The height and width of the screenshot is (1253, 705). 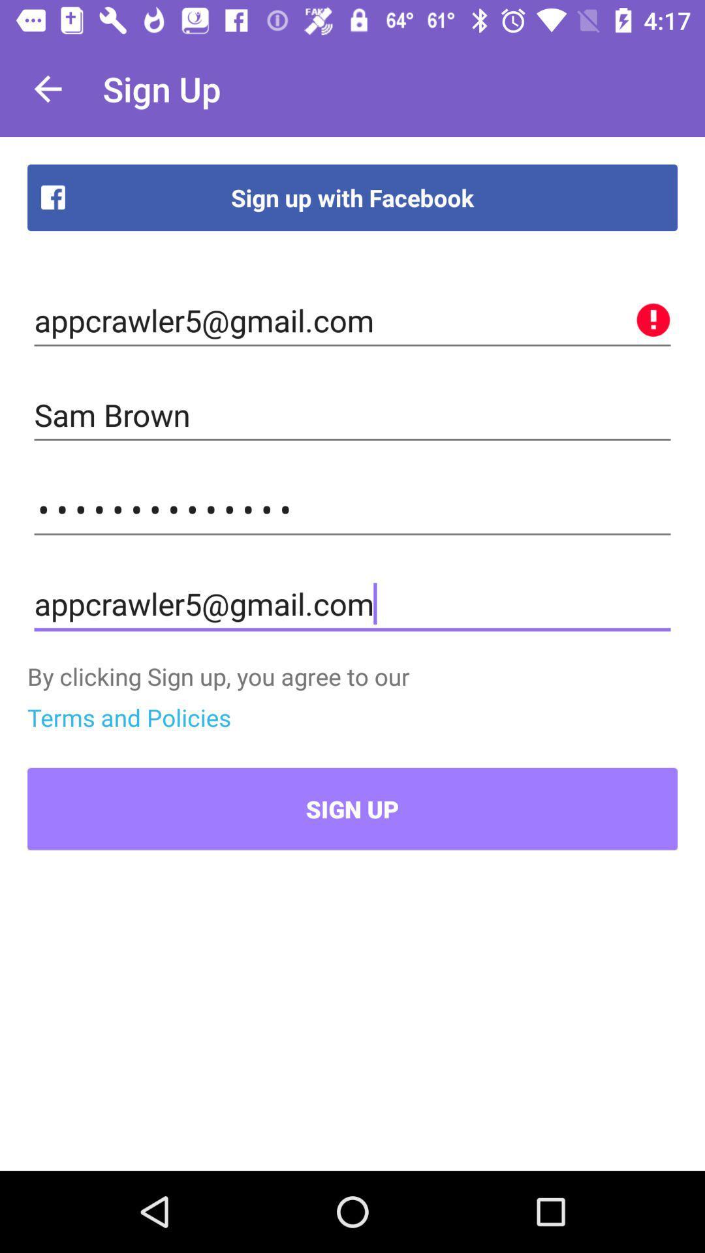 What do you see at coordinates (47, 88) in the screenshot?
I see `the app next to the sign up app` at bounding box center [47, 88].